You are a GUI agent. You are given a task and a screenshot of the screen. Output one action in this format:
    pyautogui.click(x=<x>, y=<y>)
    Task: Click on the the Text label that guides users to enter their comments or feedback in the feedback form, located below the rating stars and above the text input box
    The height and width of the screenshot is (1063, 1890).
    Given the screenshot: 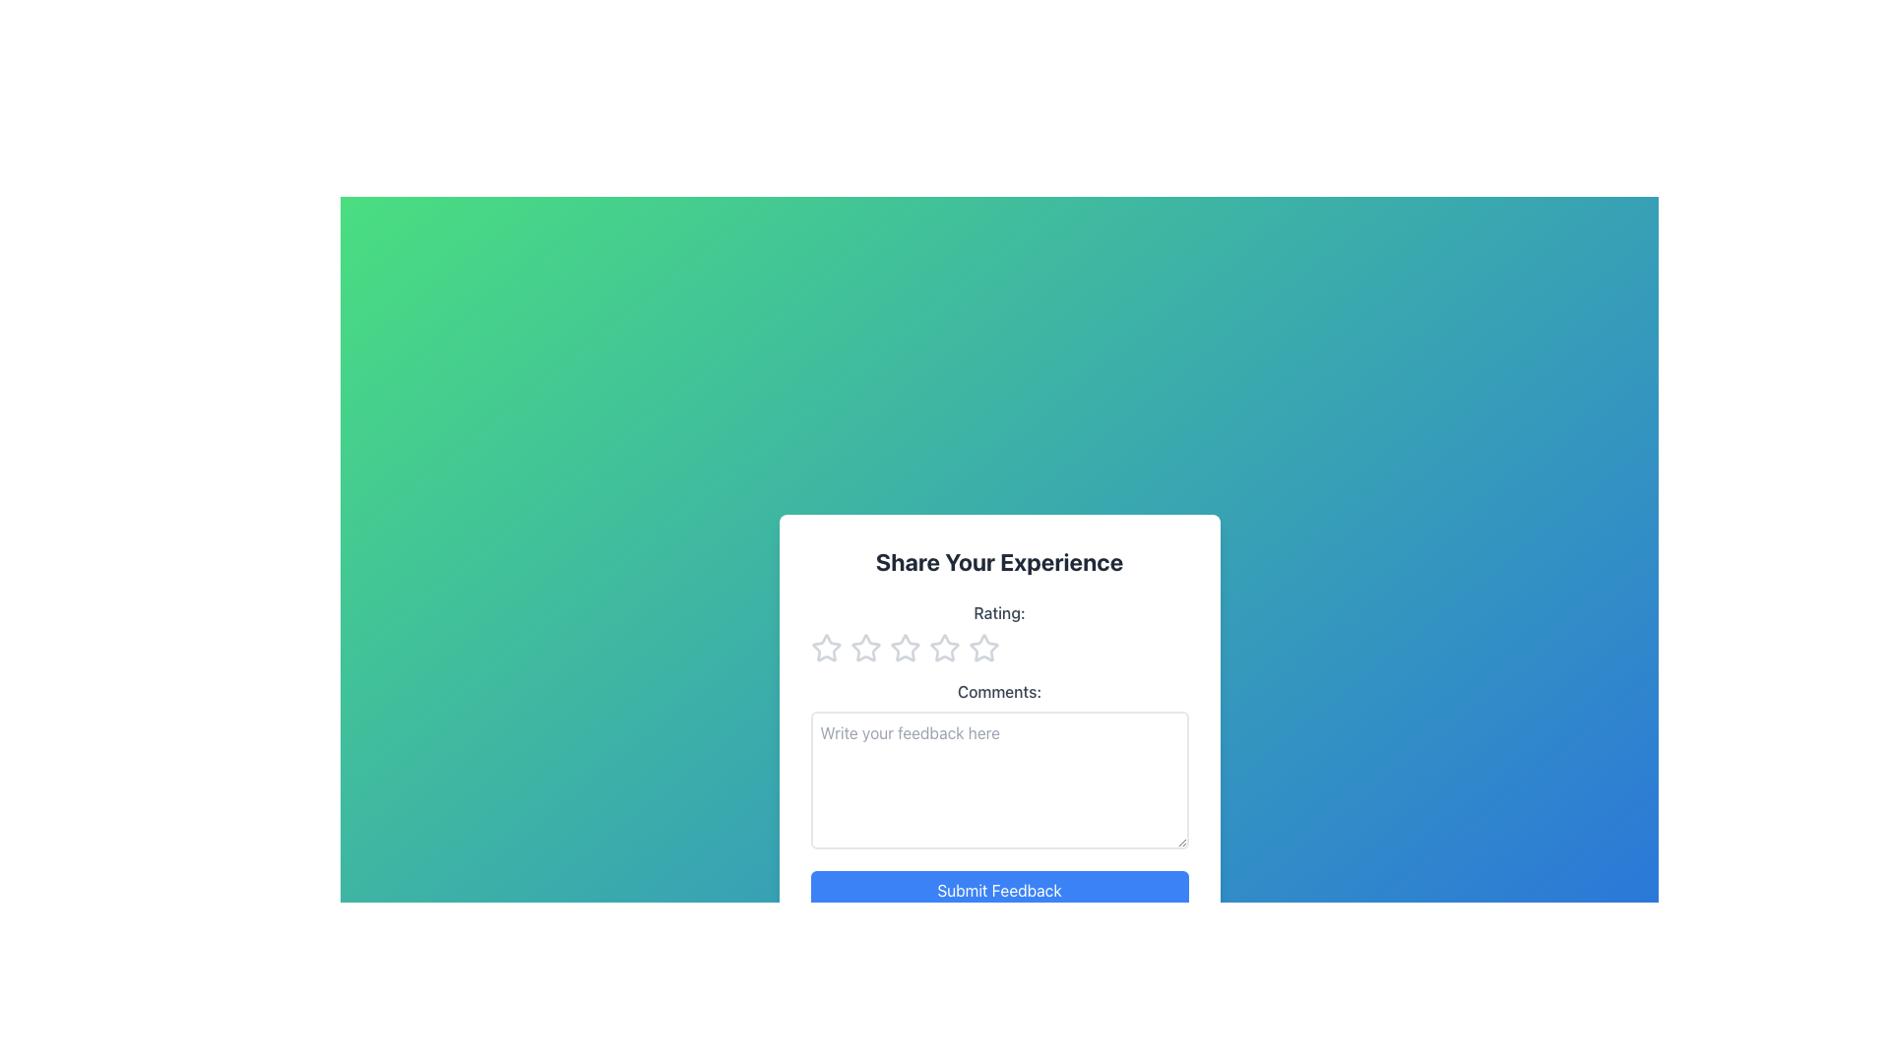 What is the action you would take?
    pyautogui.click(x=999, y=690)
    